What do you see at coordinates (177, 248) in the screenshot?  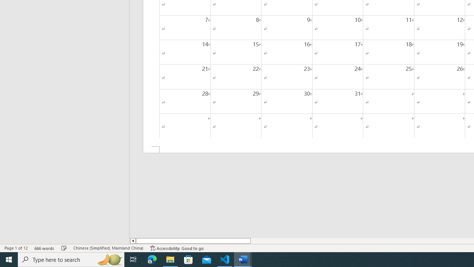 I see `'Accessibility Checker Accessibility: Good to go'` at bounding box center [177, 248].